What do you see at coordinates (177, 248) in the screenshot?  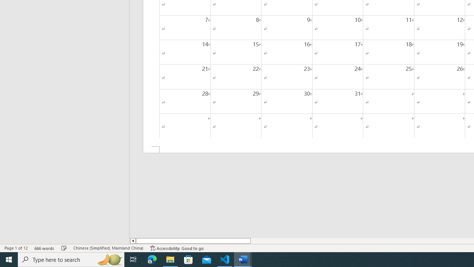 I see `'Accessibility Checker Accessibility: Good to go'` at bounding box center [177, 248].